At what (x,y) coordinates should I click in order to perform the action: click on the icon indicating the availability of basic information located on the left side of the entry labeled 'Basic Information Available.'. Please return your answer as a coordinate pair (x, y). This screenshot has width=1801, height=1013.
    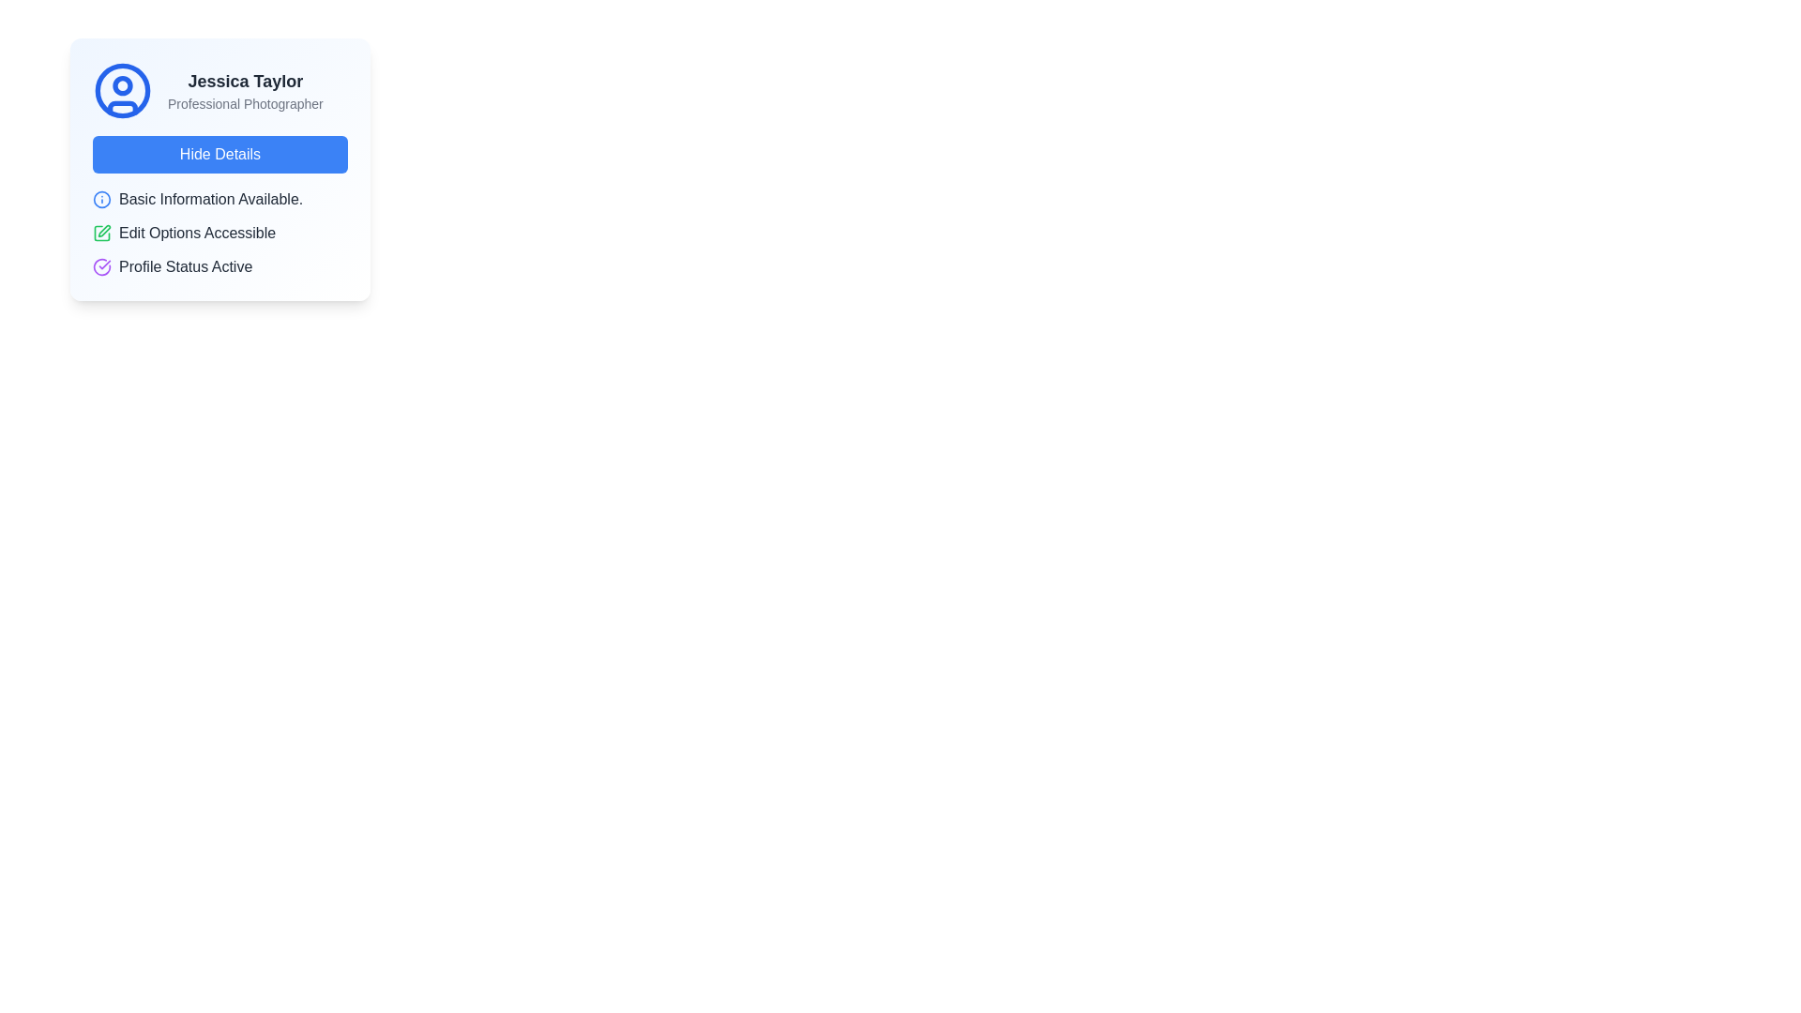
    Looking at the image, I should click on (101, 199).